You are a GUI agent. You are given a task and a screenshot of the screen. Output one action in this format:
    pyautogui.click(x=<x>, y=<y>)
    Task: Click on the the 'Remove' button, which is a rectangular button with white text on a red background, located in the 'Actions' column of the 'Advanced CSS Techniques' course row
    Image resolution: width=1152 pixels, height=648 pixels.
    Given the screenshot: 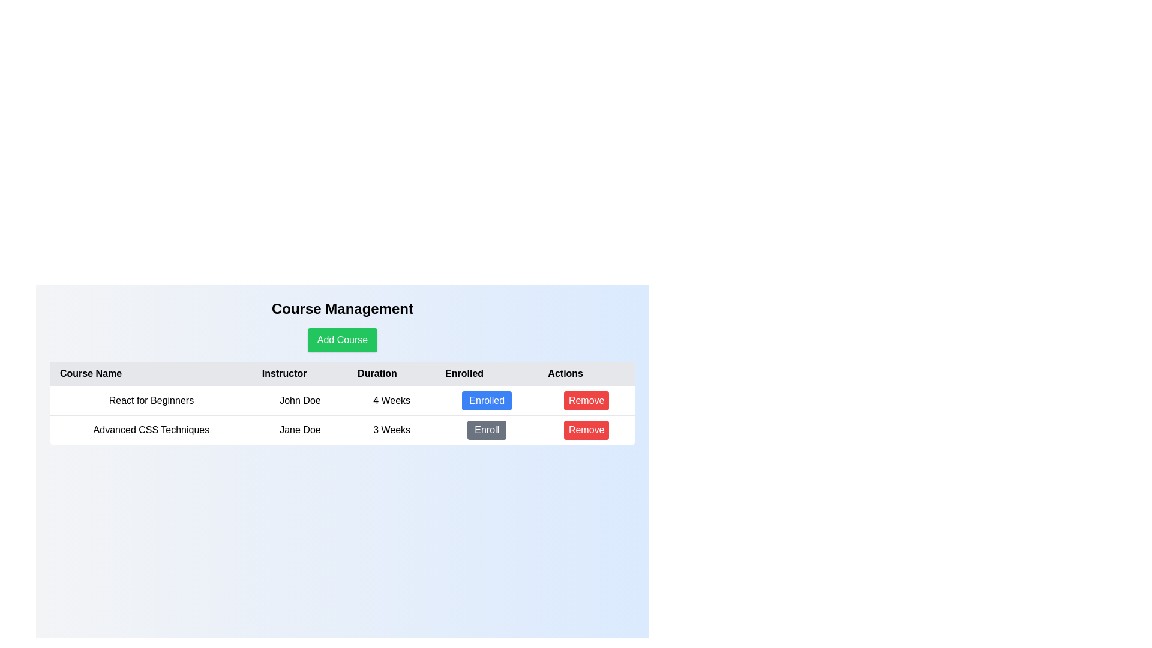 What is the action you would take?
    pyautogui.click(x=586, y=430)
    